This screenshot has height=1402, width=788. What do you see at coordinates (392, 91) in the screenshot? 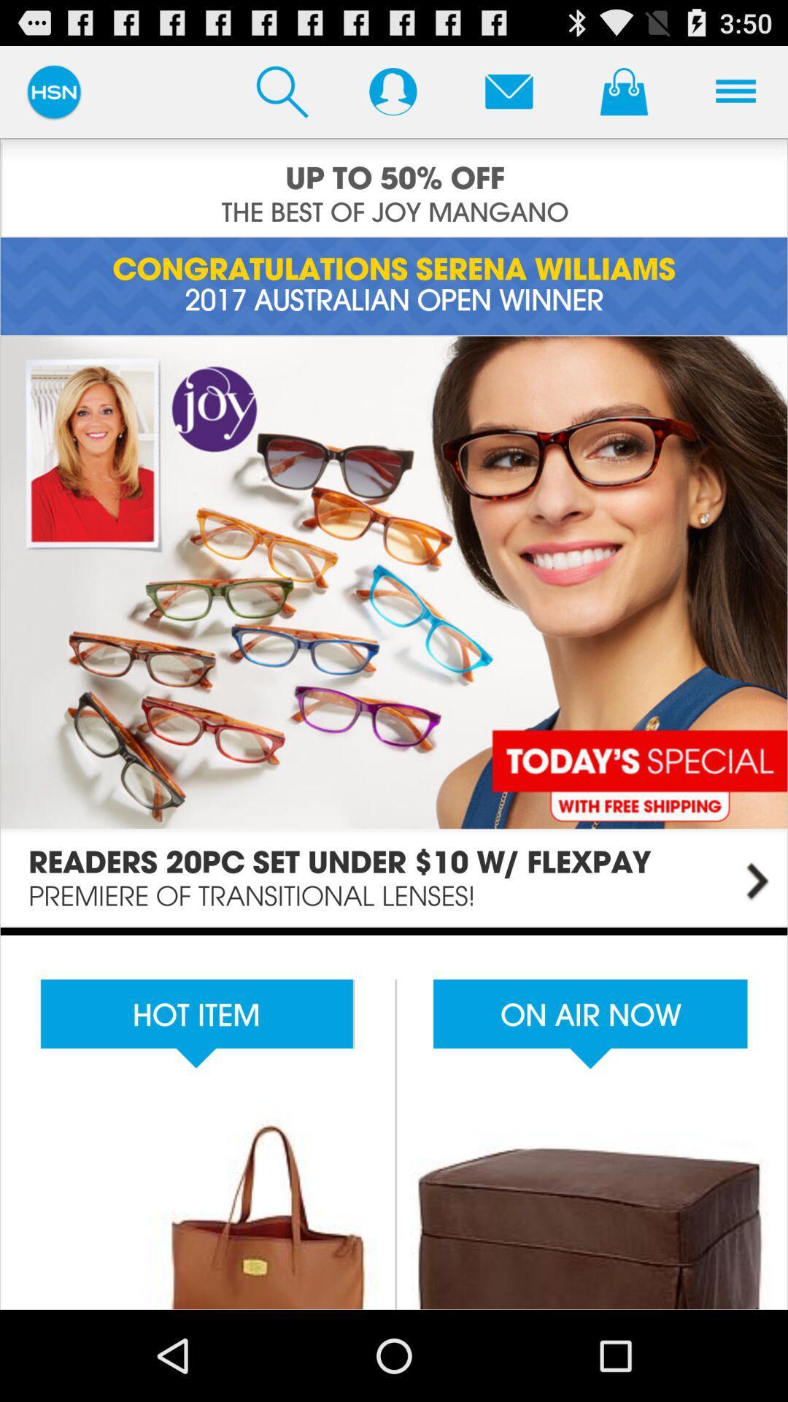
I see `your profile` at bounding box center [392, 91].